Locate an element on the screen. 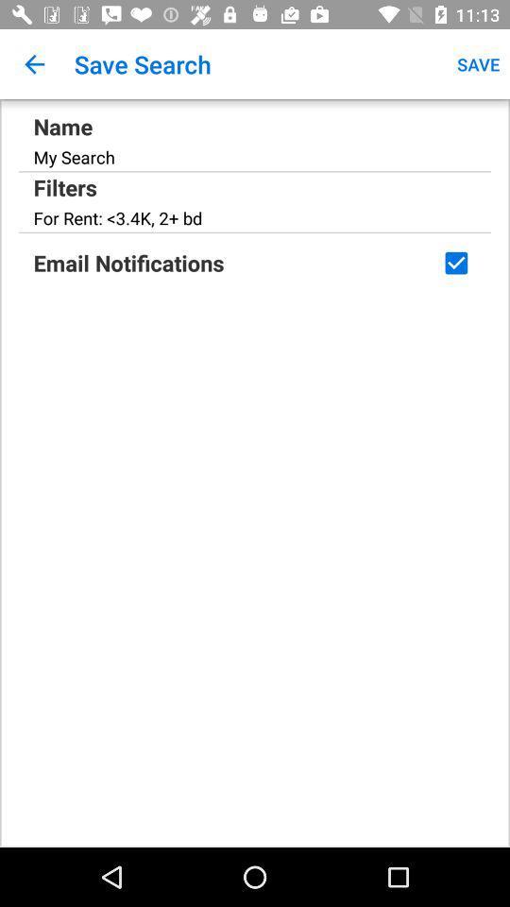 This screenshot has width=510, height=907. receive email notifications is located at coordinates (455, 262).